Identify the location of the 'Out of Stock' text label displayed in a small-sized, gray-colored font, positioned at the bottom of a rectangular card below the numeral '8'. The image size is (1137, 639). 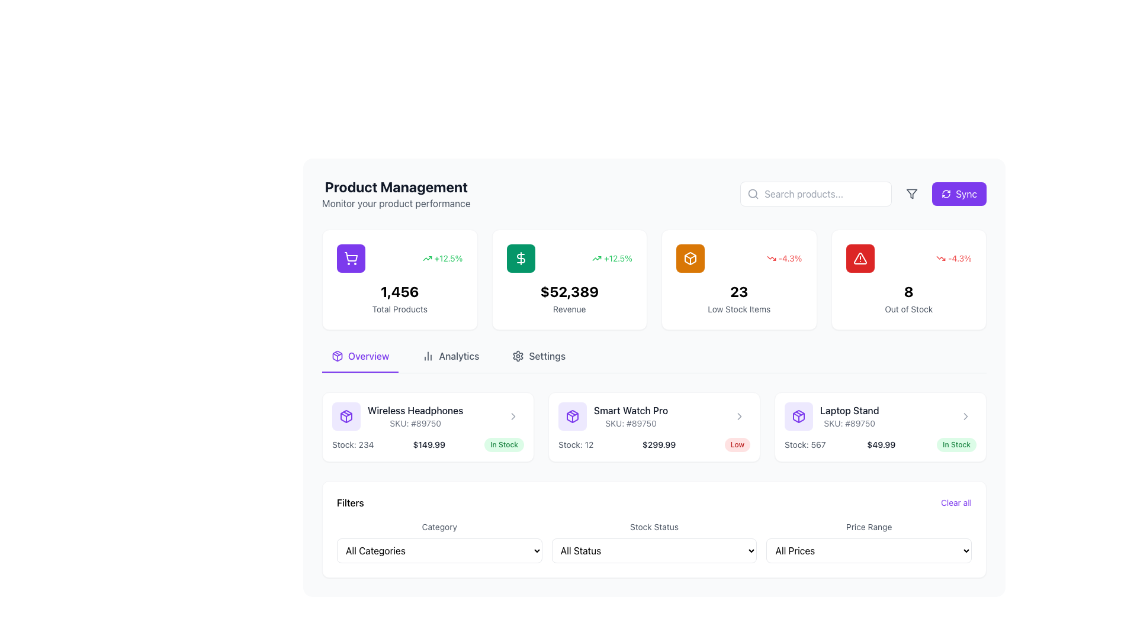
(908, 309).